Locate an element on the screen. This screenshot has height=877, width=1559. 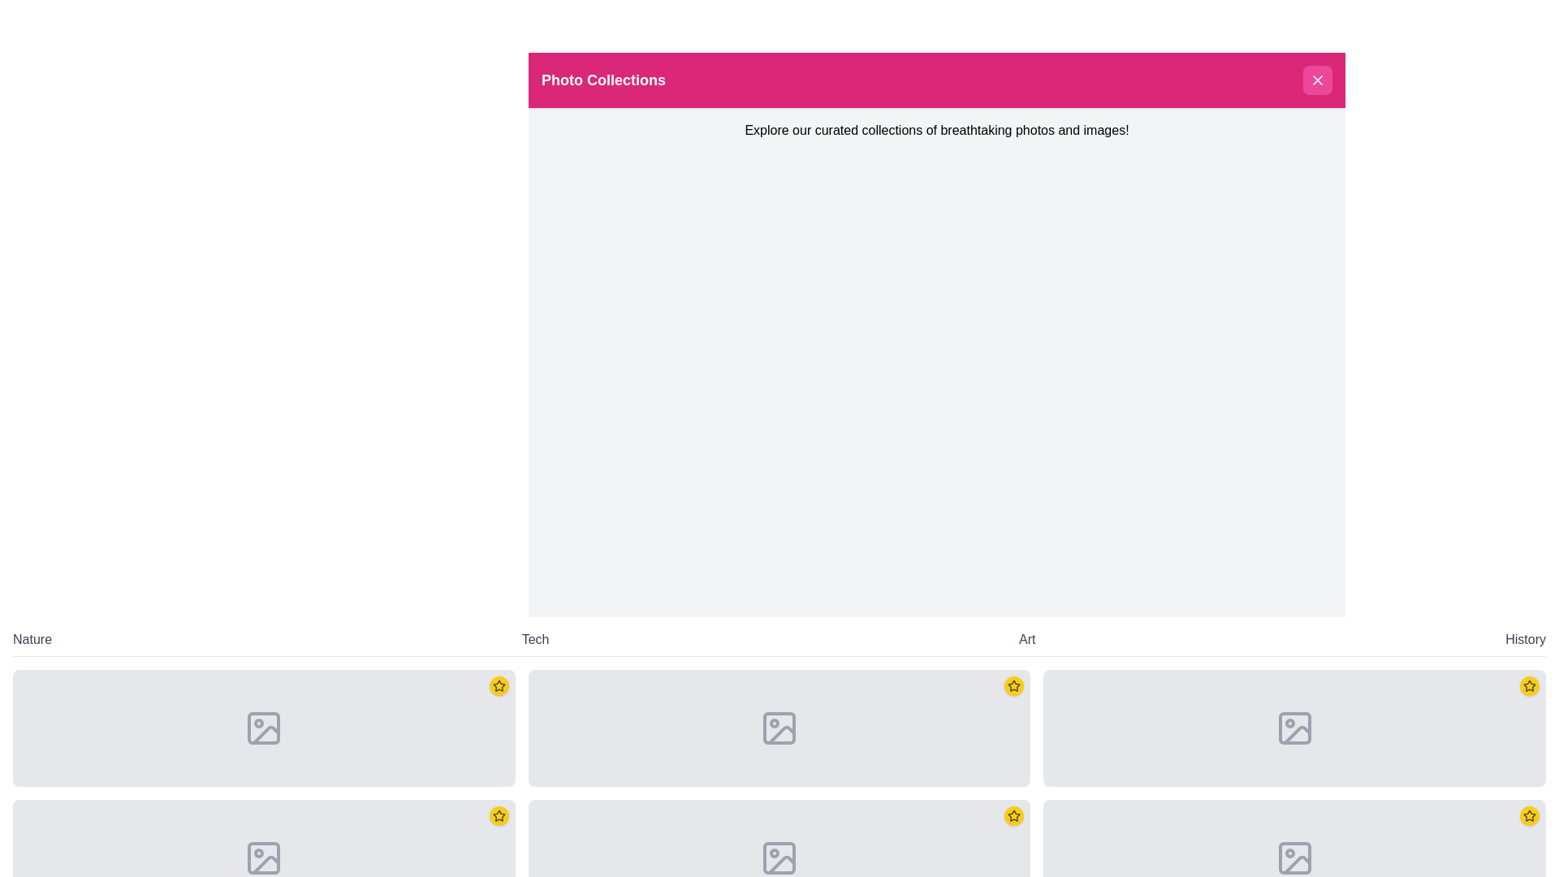
the 'History' text label, which is the fourth item in the horizontal menu bar and styled in dark gray with capitalized letters is located at coordinates (1525, 638).